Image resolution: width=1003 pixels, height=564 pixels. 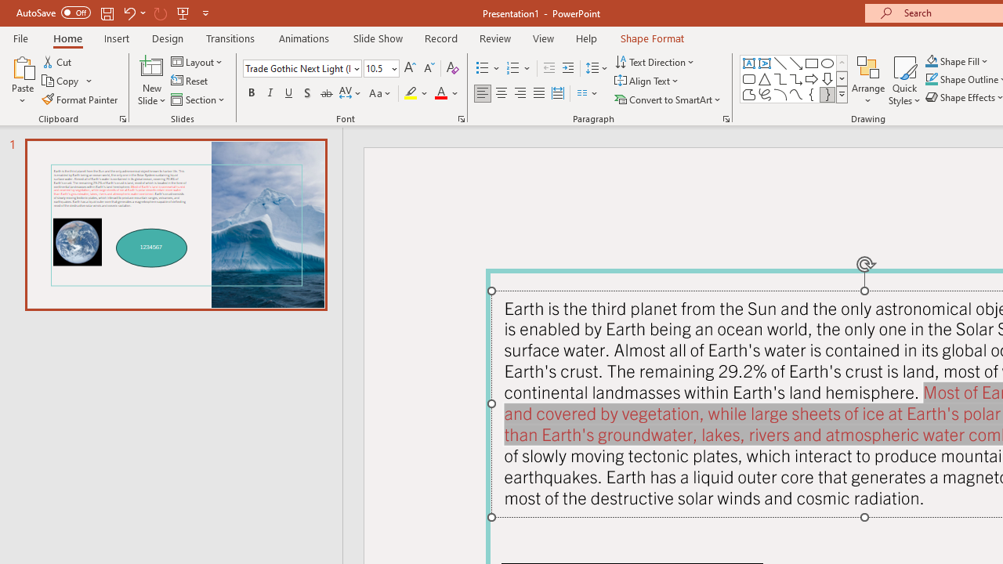 What do you see at coordinates (549, 67) in the screenshot?
I see `'Decrease Indent'` at bounding box center [549, 67].